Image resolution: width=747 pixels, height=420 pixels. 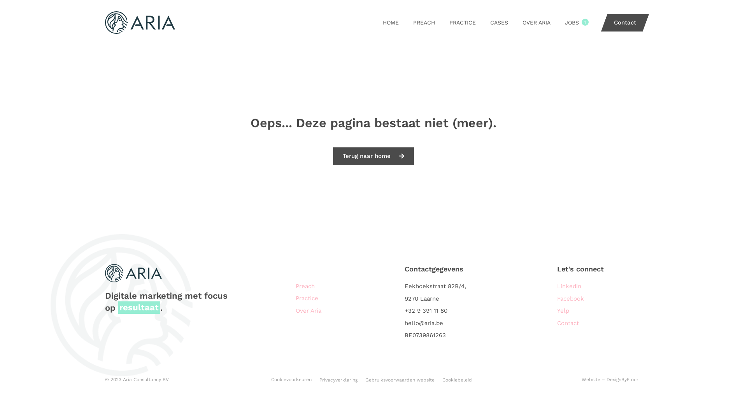 What do you see at coordinates (556, 310) in the screenshot?
I see `'Yelp'` at bounding box center [556, 310].